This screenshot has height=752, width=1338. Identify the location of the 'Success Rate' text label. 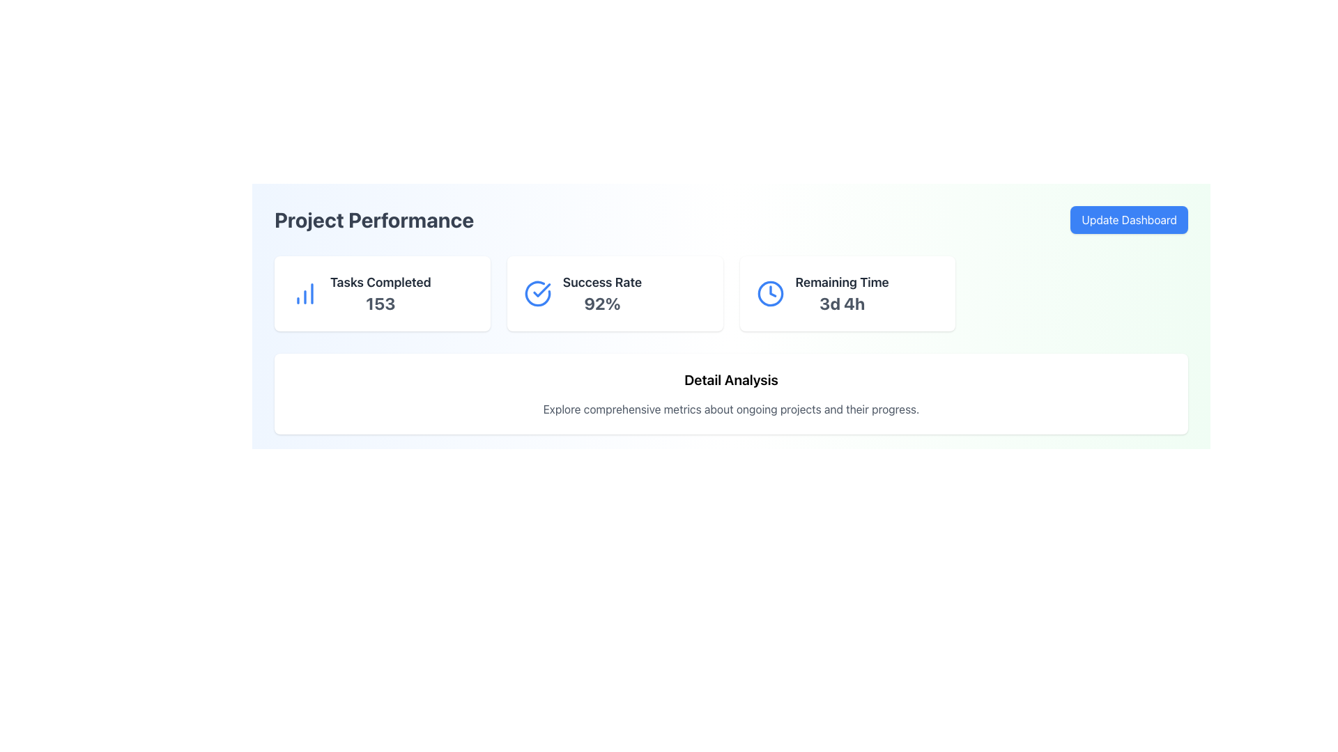
(602, 302).